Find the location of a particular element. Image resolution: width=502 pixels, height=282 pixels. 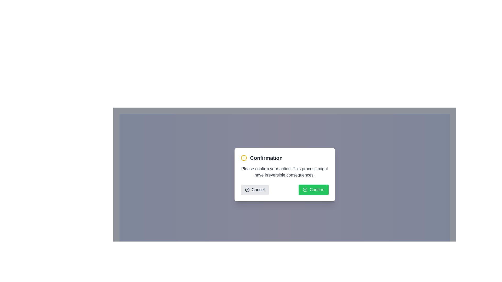

the purpose of the confirmation dialog box by clicking on the dialog header that contains the alert icon and title is located at coordinates (284, 157).